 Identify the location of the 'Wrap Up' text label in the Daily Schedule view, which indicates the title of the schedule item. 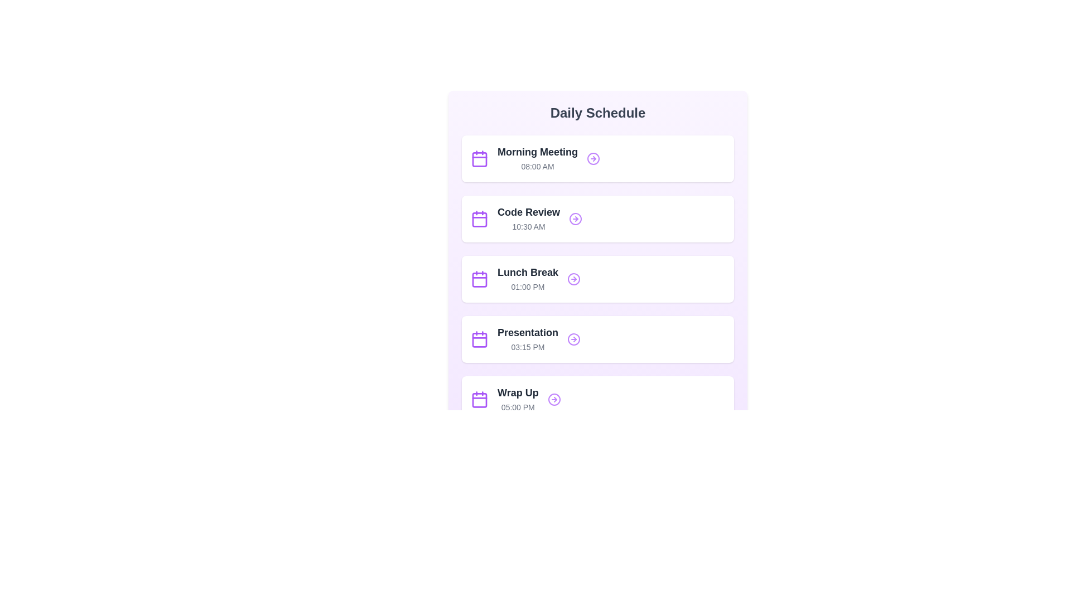
(517, 392).